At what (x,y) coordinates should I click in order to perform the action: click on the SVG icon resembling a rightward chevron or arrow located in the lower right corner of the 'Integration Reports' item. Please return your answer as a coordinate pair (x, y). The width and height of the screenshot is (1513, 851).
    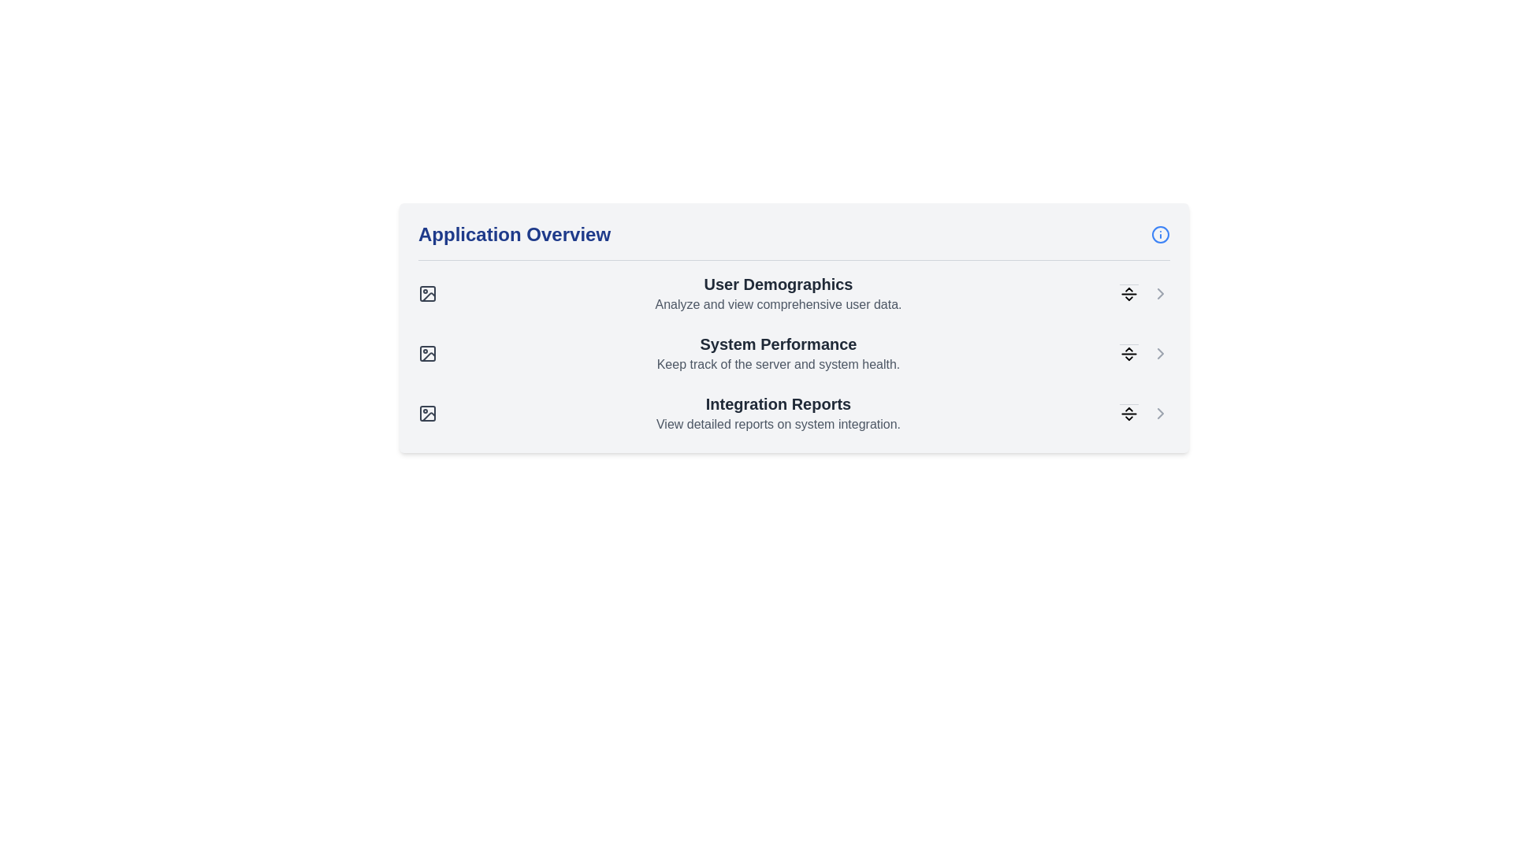
    Looking at the image, I should click on (1161, 412).